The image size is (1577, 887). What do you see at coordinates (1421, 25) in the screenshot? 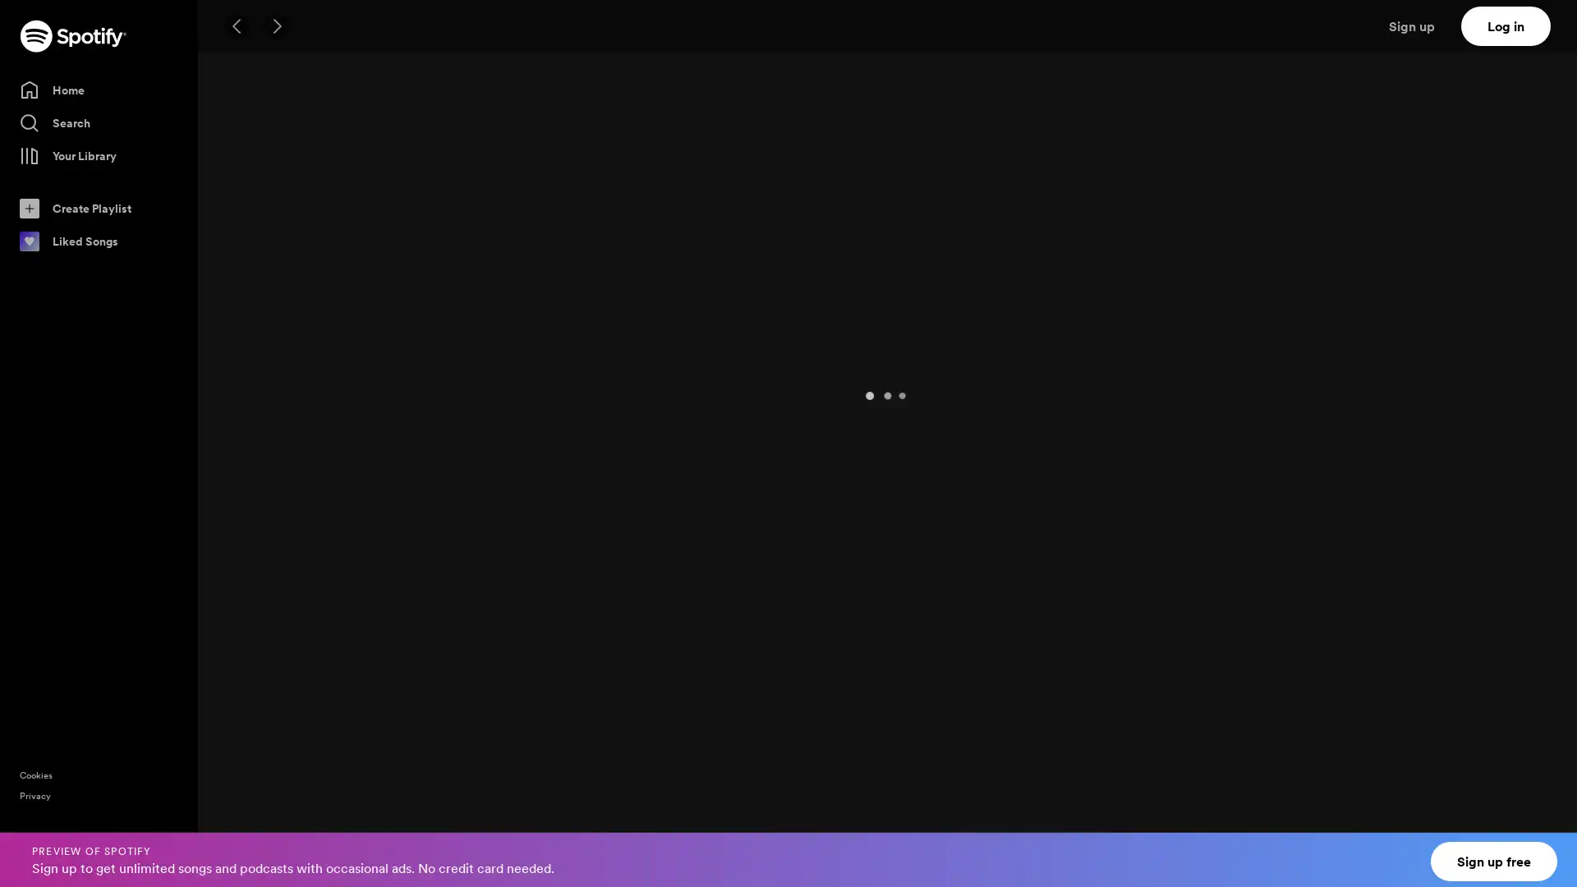
I see `Sign up` at bounding box center [1421, 25].